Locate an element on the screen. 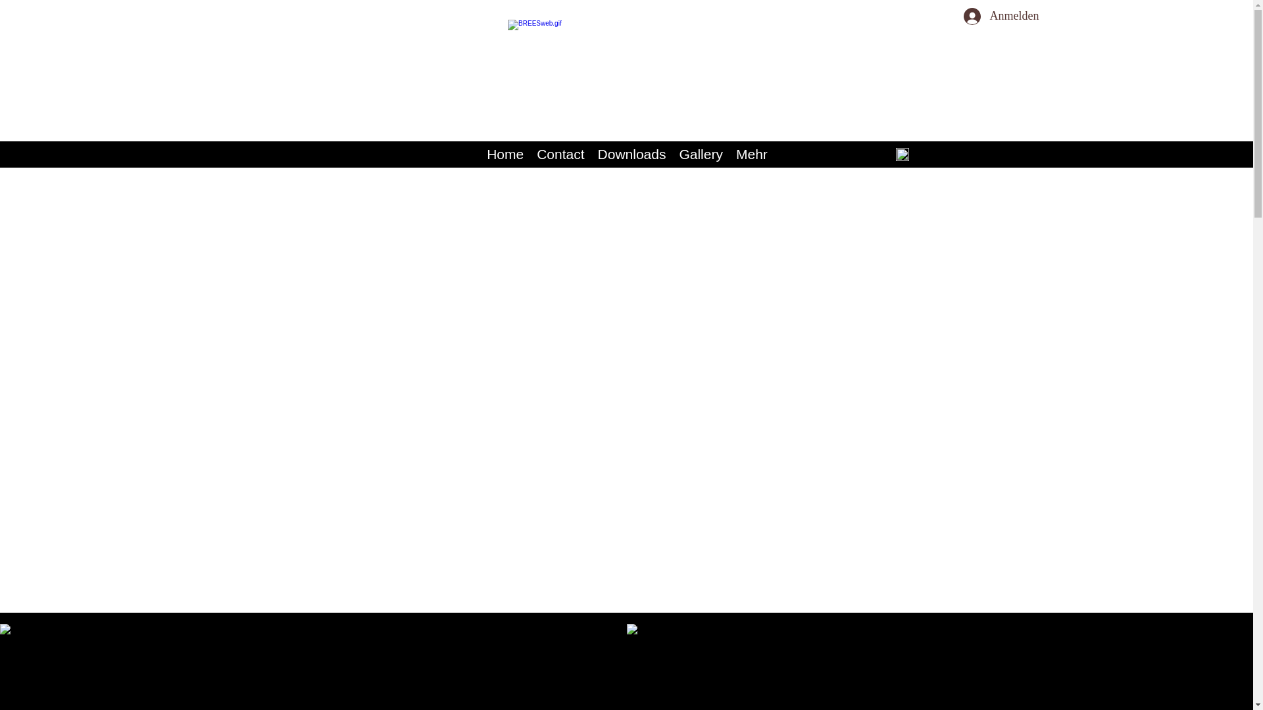 This screenshot has width=1263, height=710. 'Anmelden' is located at coordinates (993, 16).